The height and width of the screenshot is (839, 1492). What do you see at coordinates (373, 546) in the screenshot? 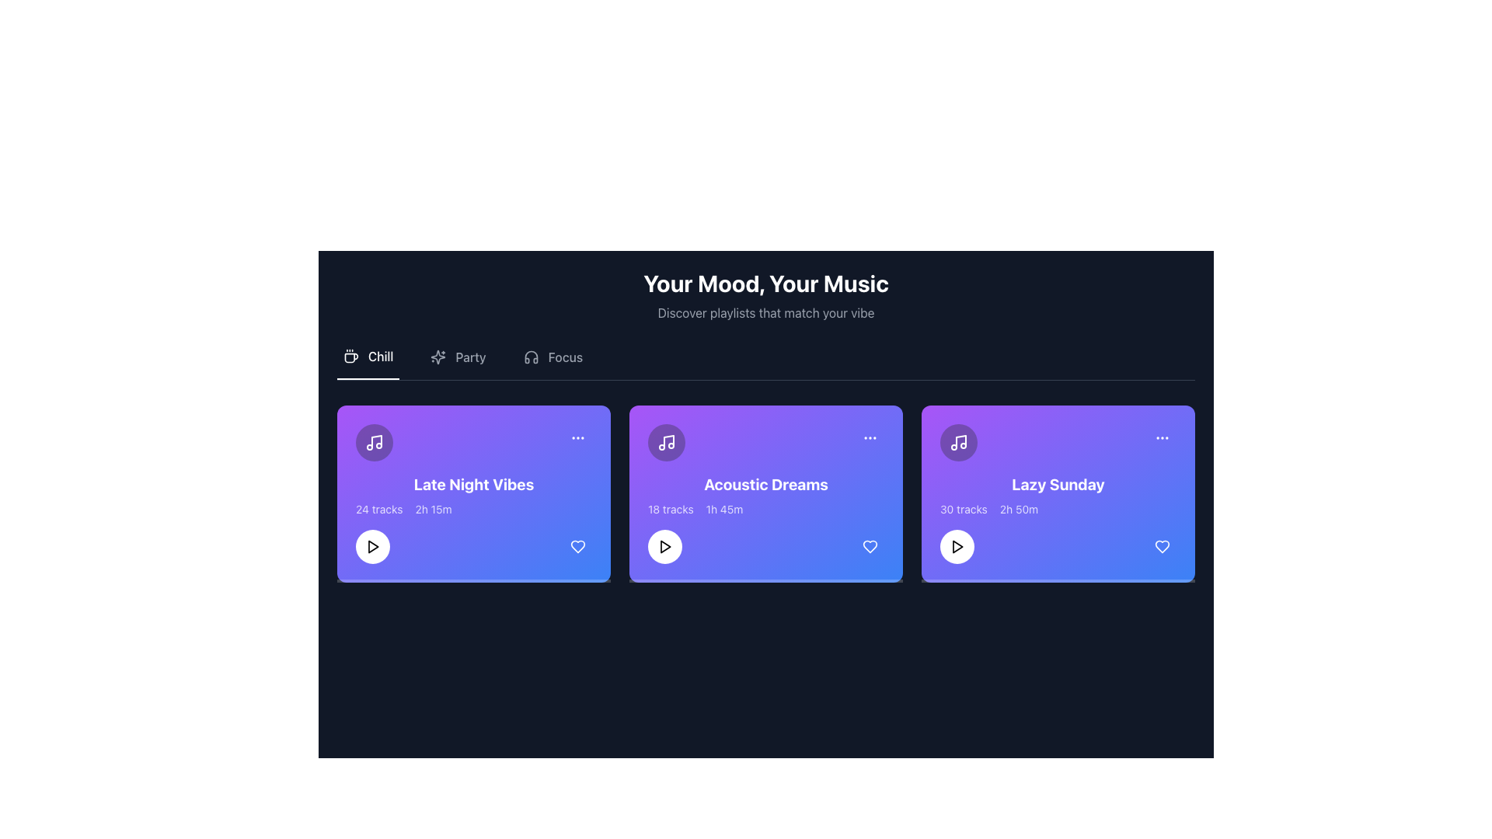
I see `the triangular play icon outlined in white, located at the center-bottom of the 'Acoustic Dreams' card` at bounding box center [373, 546].